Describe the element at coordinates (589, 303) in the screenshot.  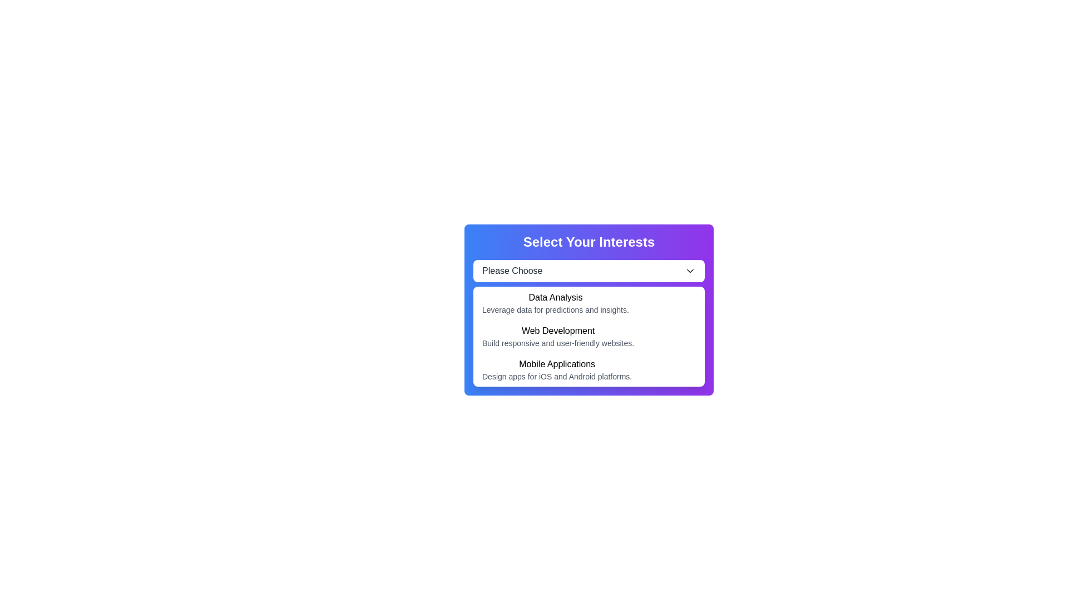
I see `the first selectable list item titled 'Data Analysis' in the dropdown menu under 'Select Your Interests' to trigger its hover state` at that location.